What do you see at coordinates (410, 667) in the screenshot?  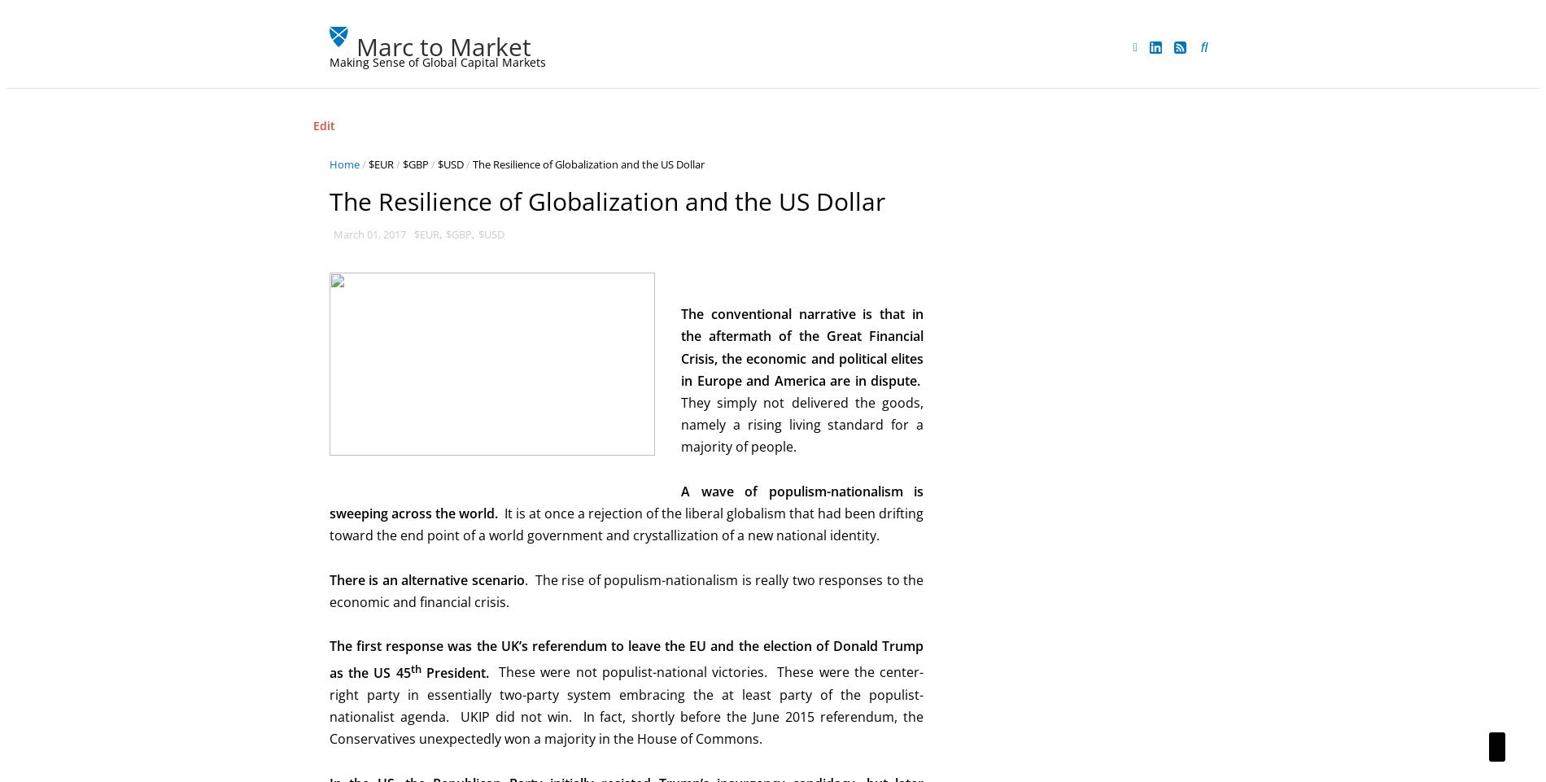 I see `'th'` at bounding box center [410, 667].